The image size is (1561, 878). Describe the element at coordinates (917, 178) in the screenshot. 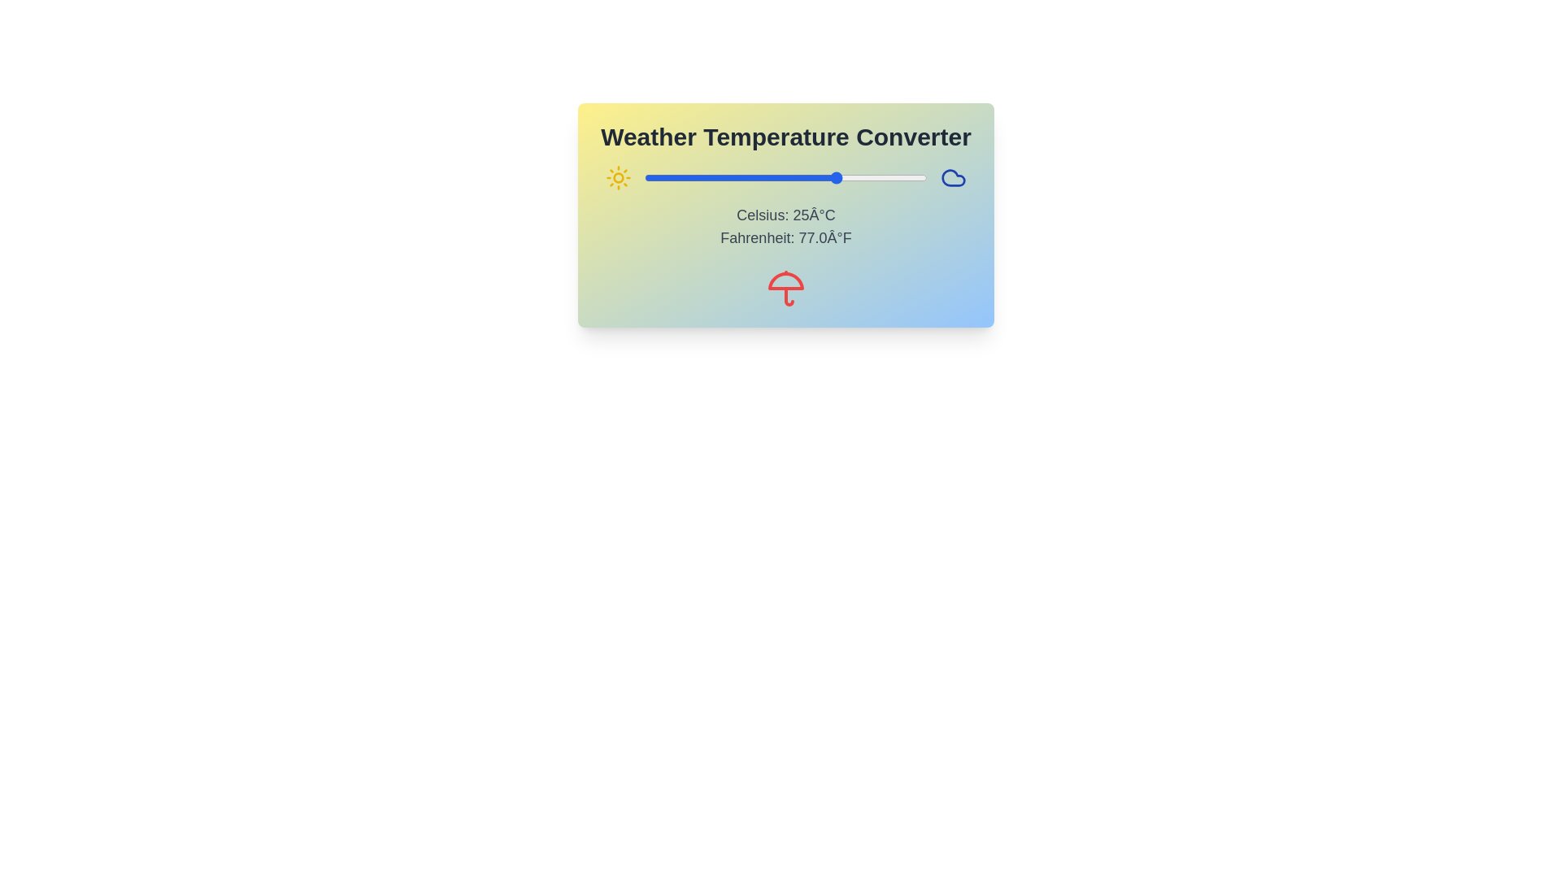

I see `the temperature to 47°C using the slider` at that location.